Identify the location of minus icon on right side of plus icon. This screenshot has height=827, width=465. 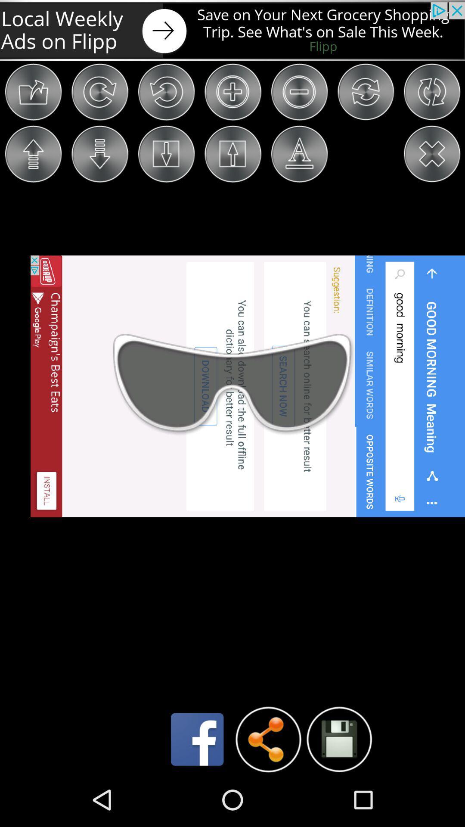
(299, 92).